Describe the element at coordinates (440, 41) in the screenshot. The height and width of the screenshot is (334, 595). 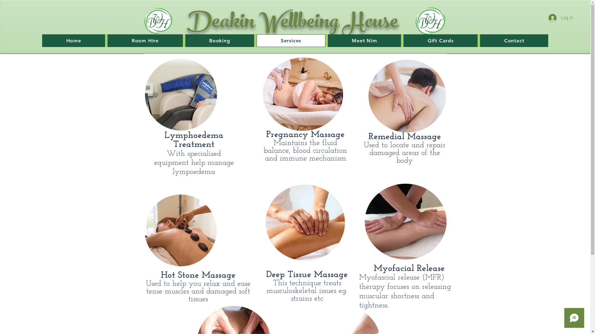
I see `'Gift Cards'` at that location.